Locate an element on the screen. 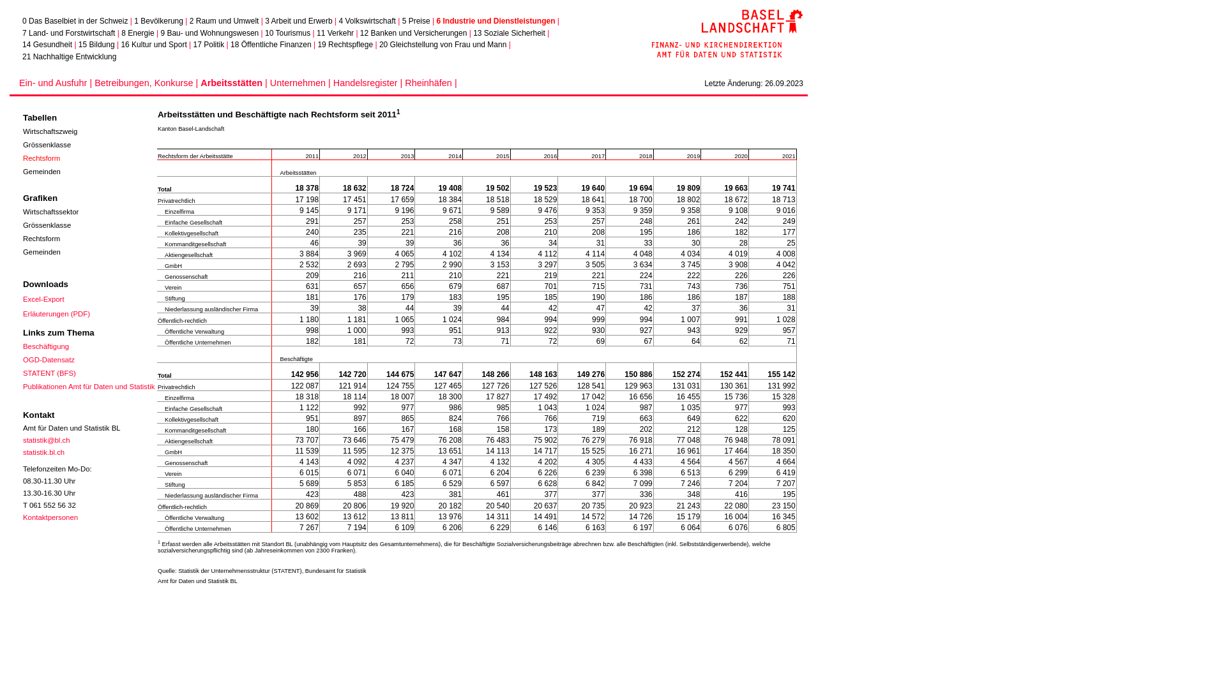 This screenshot has width=1226, height=689. 'Handelsregister |' is located at coordinates (368, 83).